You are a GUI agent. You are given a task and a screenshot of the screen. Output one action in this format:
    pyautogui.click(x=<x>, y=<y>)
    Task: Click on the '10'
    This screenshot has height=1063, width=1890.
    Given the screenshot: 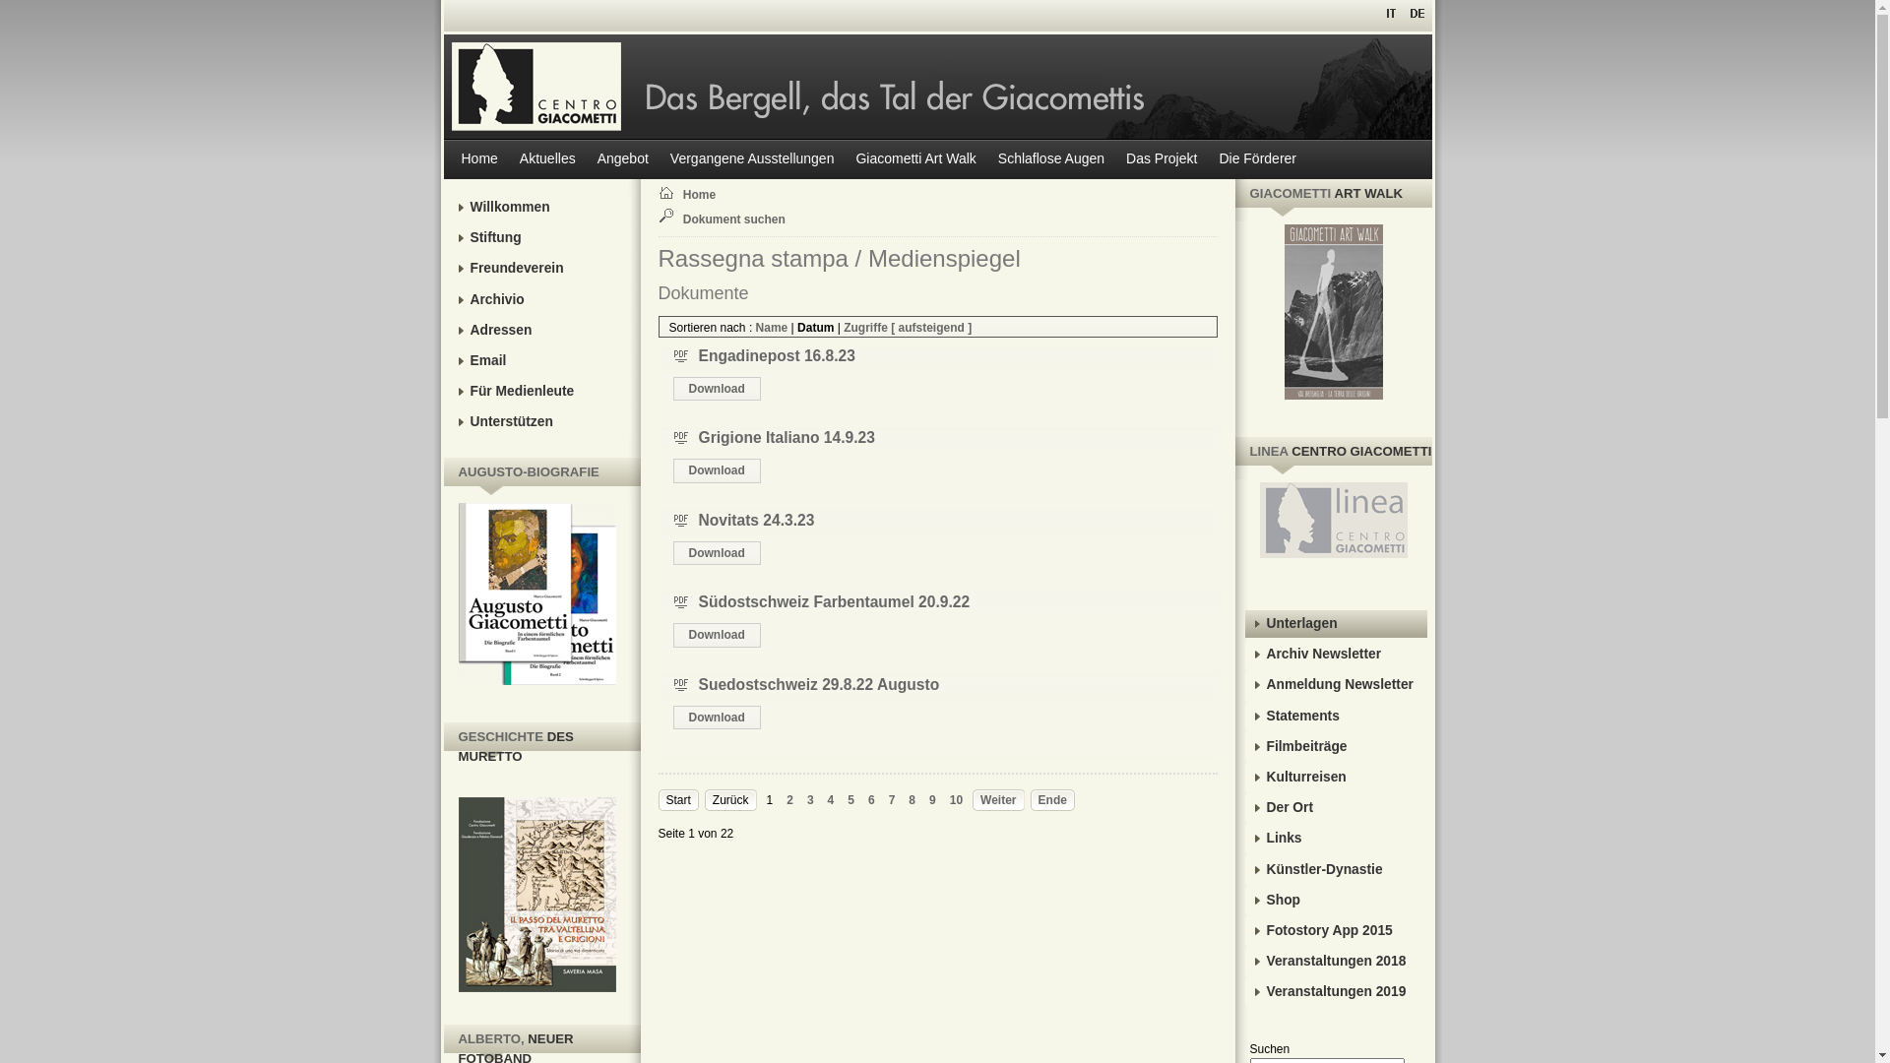 What is the action you would take?
    pyautogui.click(x=956, y=800)
    